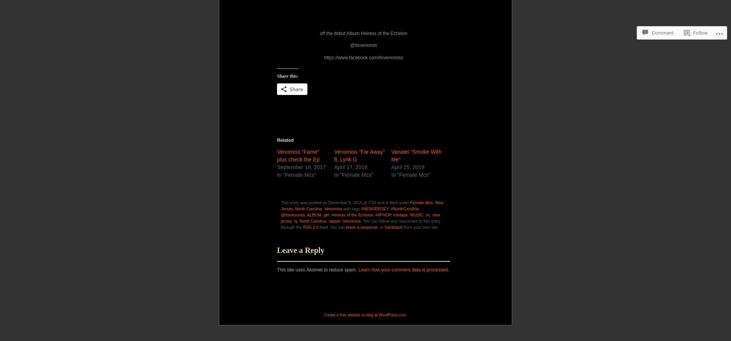 This screenshot has height=341, width=731. Describe the element at coordinates (317, 332) in the screenshot. I see `'This site uses Akismet to reduce spam.'` at that location.